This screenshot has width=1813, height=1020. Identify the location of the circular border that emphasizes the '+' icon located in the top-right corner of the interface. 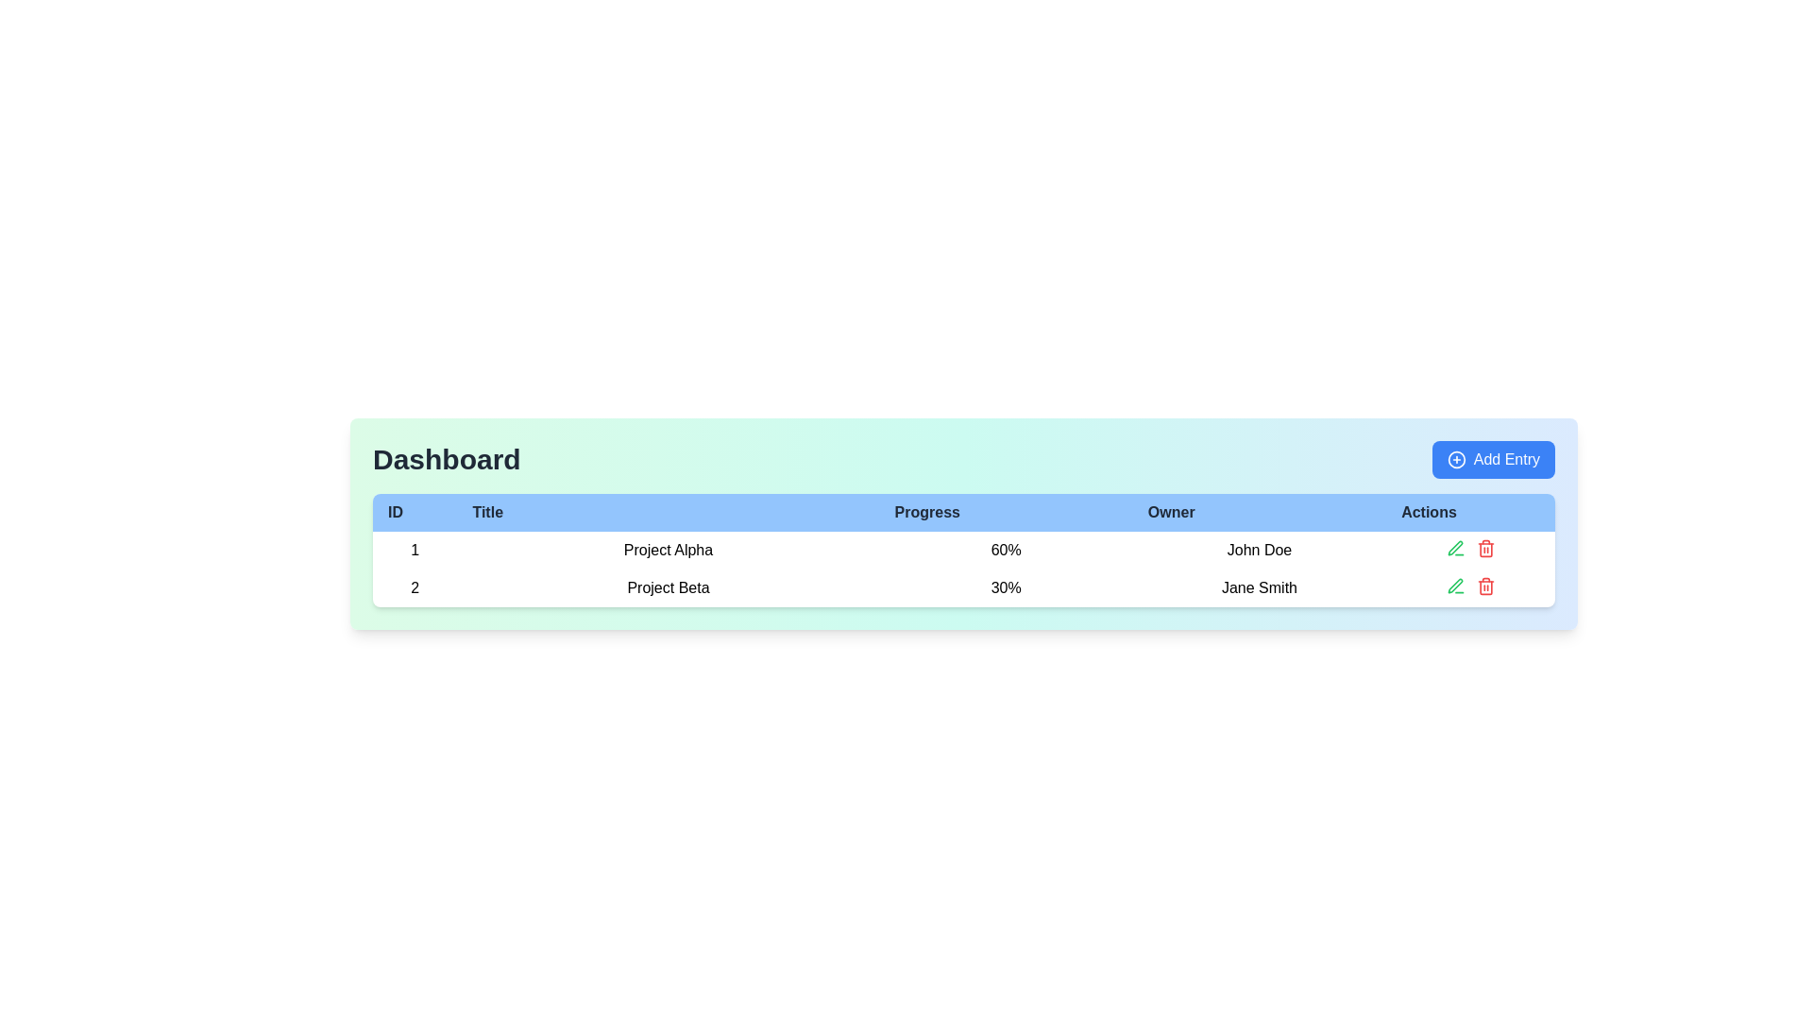
(1455, 459).